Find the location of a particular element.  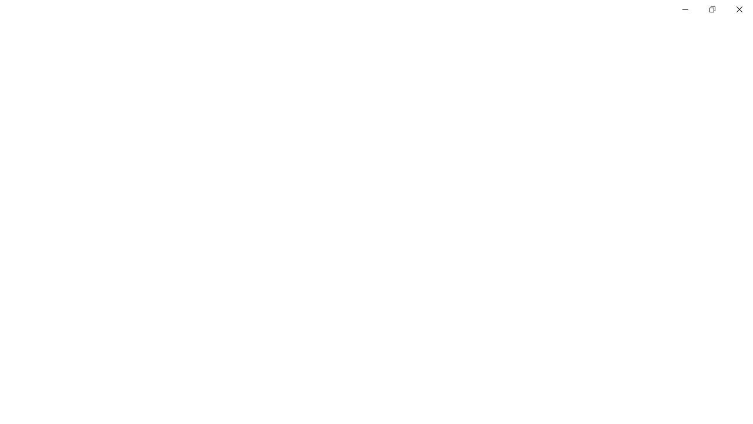

'Restore Settings' is located at coordinates (711, 9).